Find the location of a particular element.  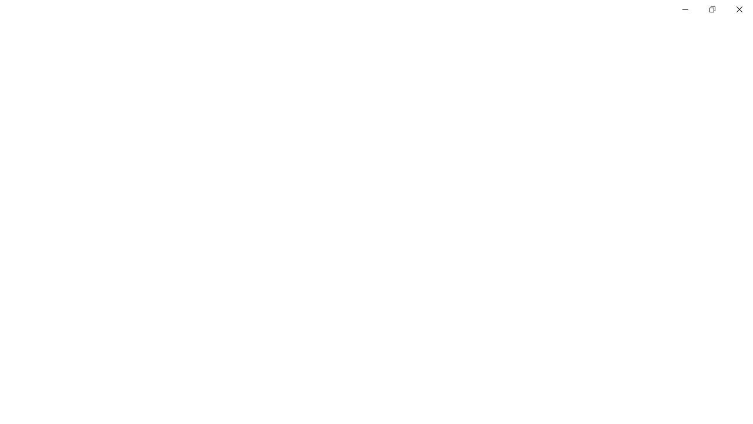

'Restore Settings' is located at coordinates (711, 9).